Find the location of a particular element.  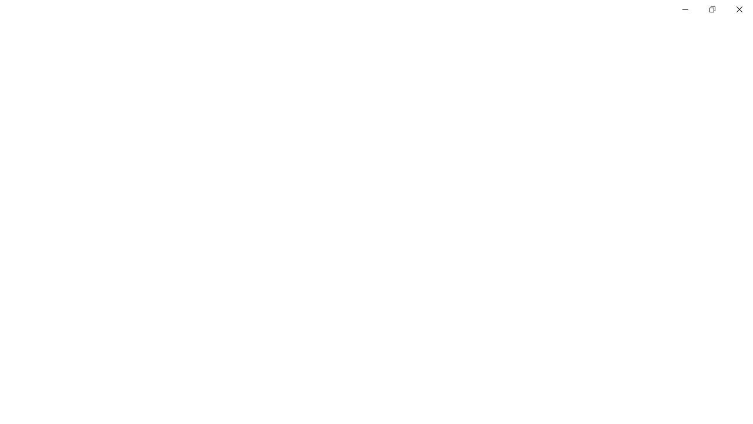

'Restore Settings' is located at coordinates (711, 9).